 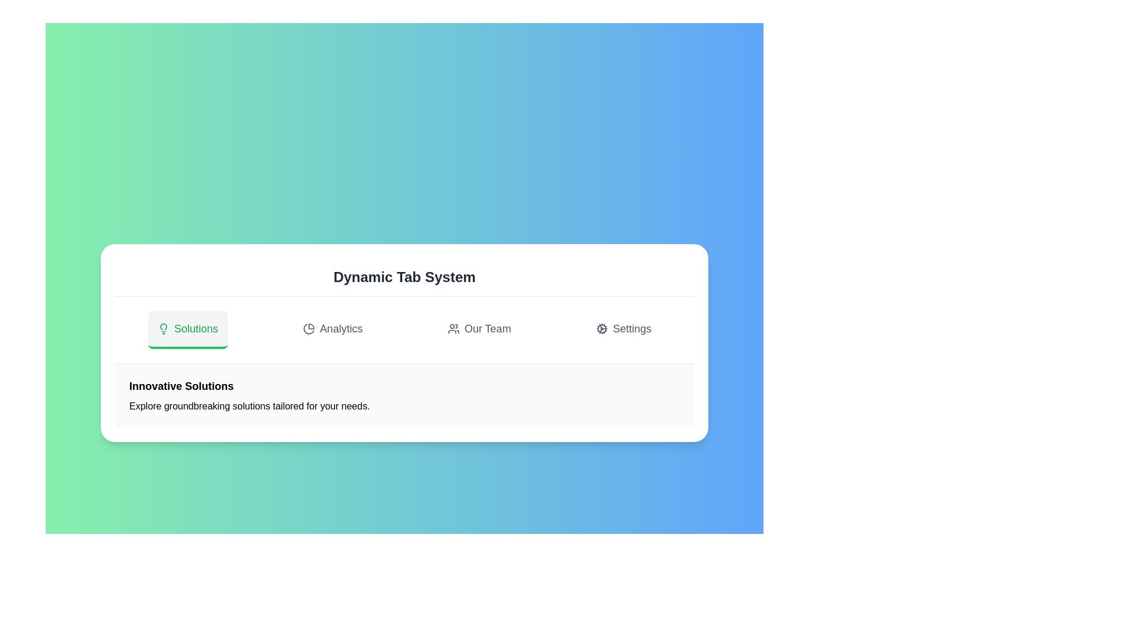 I want to click on the cogwheel icon, which is styled with a circular shape and is located at the far-right side of the section headings, so click(x=602, y=329).